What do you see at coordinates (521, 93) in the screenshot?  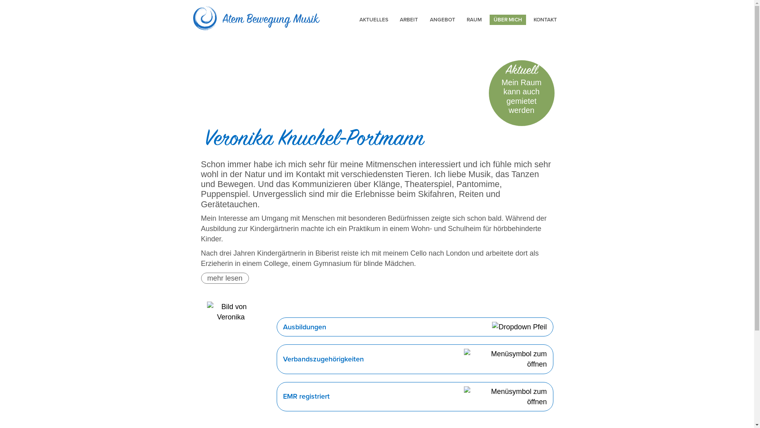 I see `'zu RAUM'` at bounding box center [521, 93].